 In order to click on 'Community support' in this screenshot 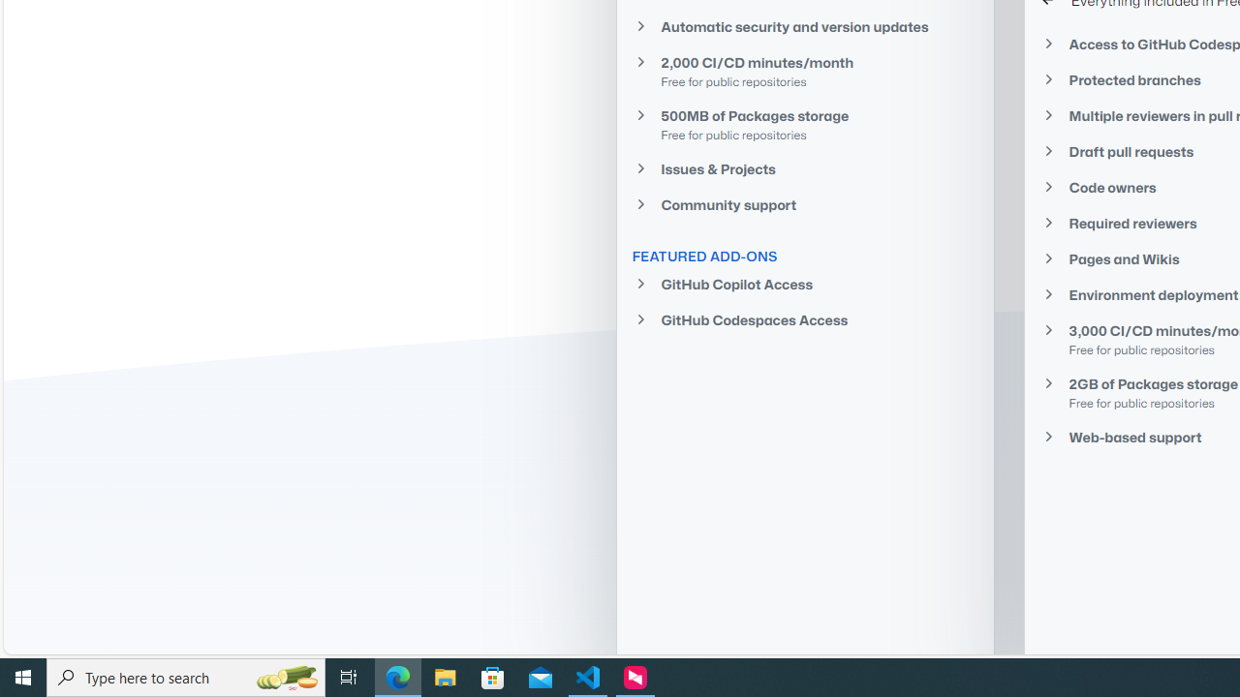, I will do `click(804, 204)`.